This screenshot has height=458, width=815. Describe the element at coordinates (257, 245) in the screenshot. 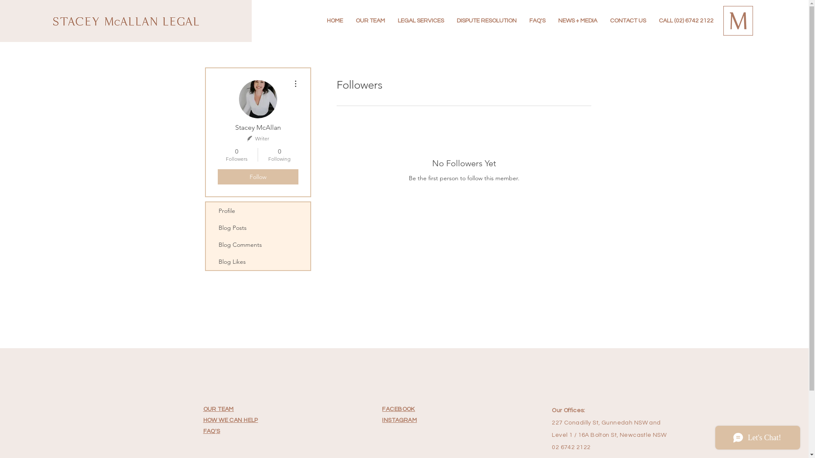

I see `'Blog Comments'` at that location.